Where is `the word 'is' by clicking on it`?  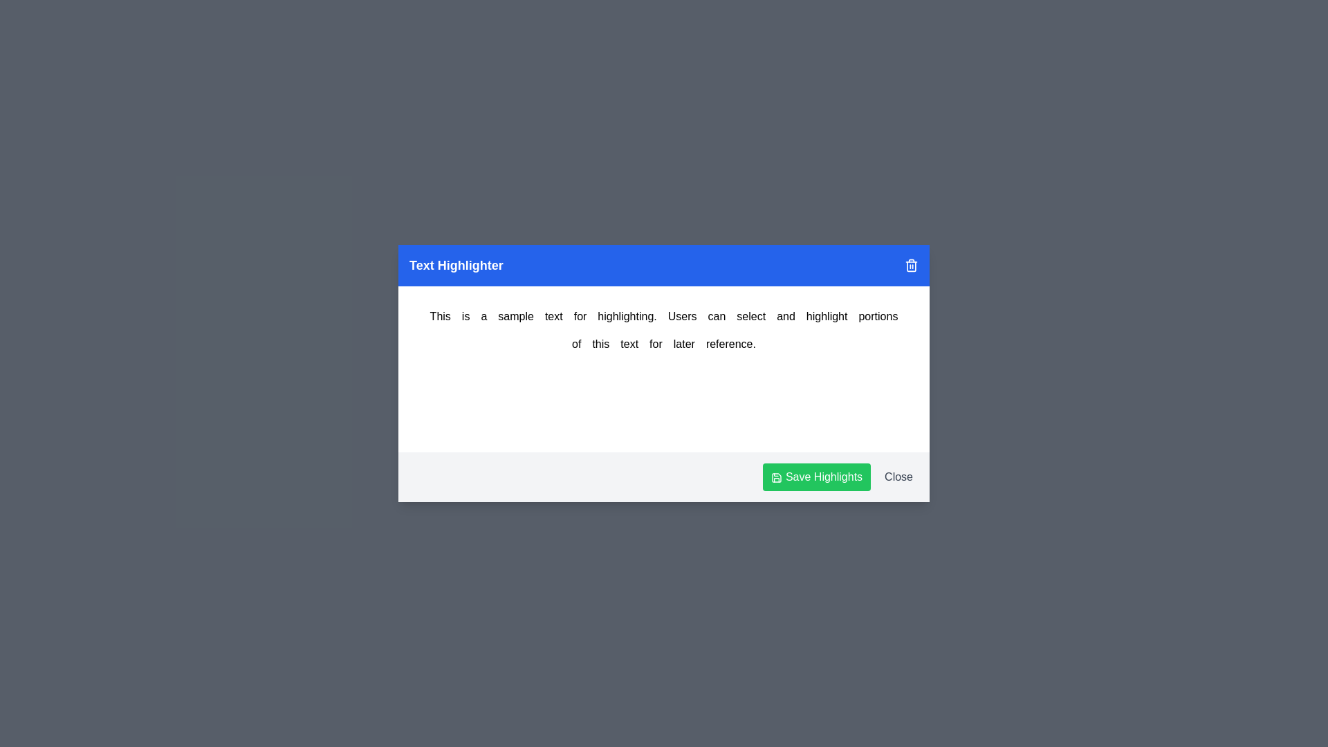 the word 'is' by clicking on it is located at coordinates (465, 317).